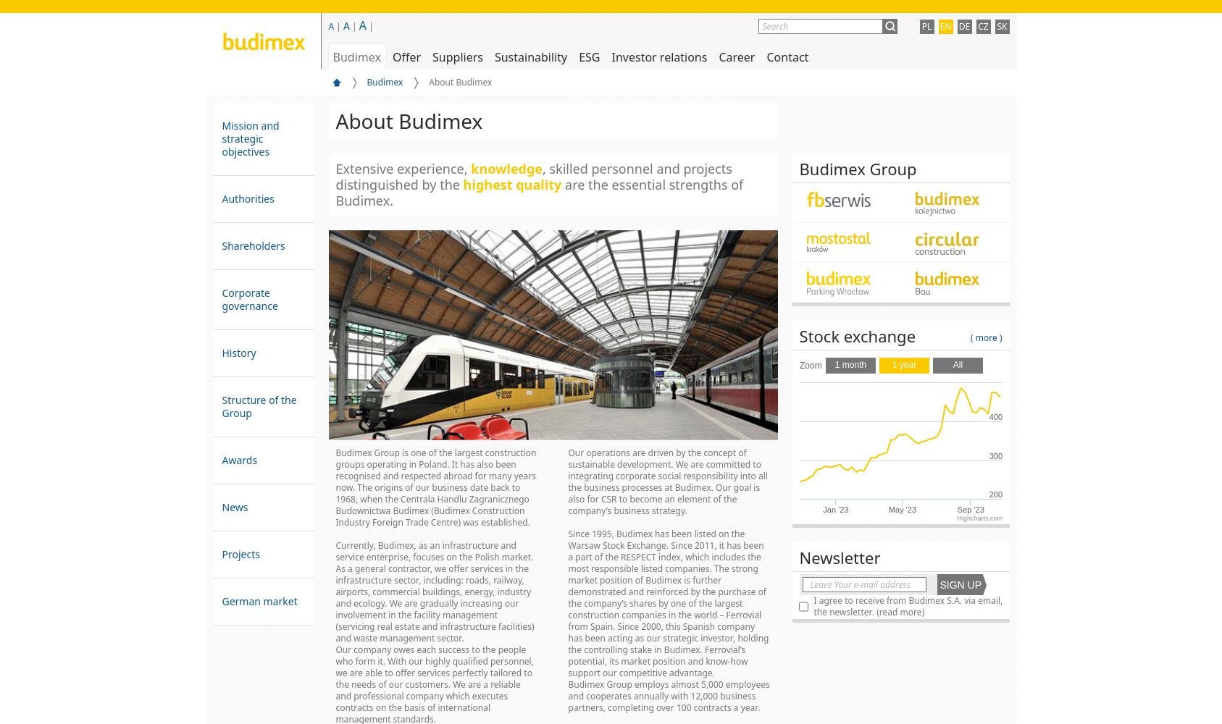 The image size is (1222, 724). What do you see at coordinates (238, 352) in the screenshot?
I see `'History'` at bounding box center [238, 352].